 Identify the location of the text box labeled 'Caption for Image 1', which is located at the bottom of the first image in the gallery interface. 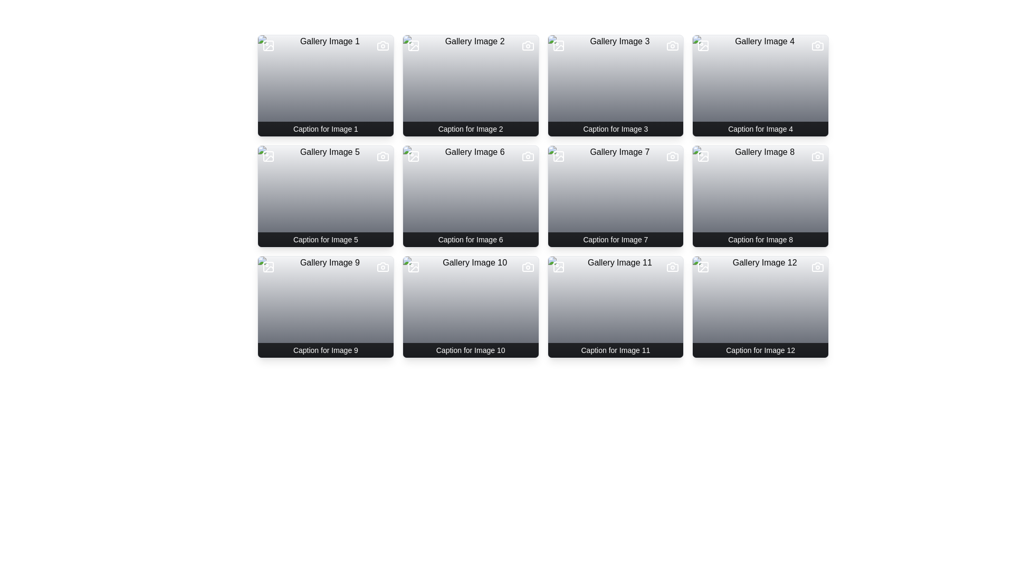
(325, 129).